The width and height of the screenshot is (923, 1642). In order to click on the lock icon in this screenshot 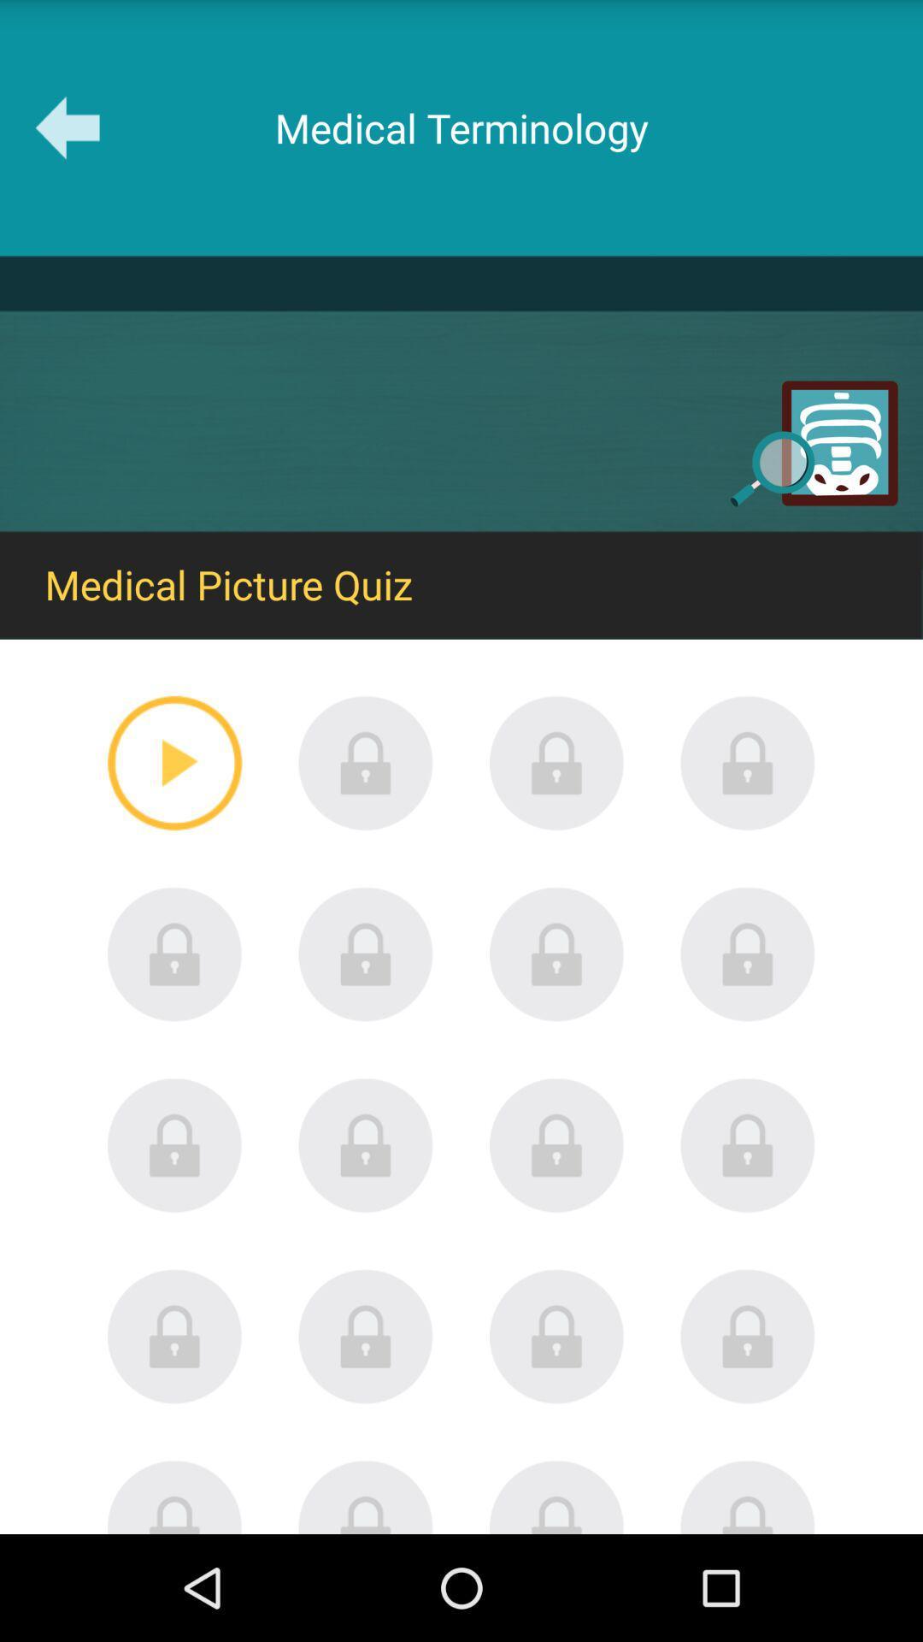, I will do `click(556, 816)`.